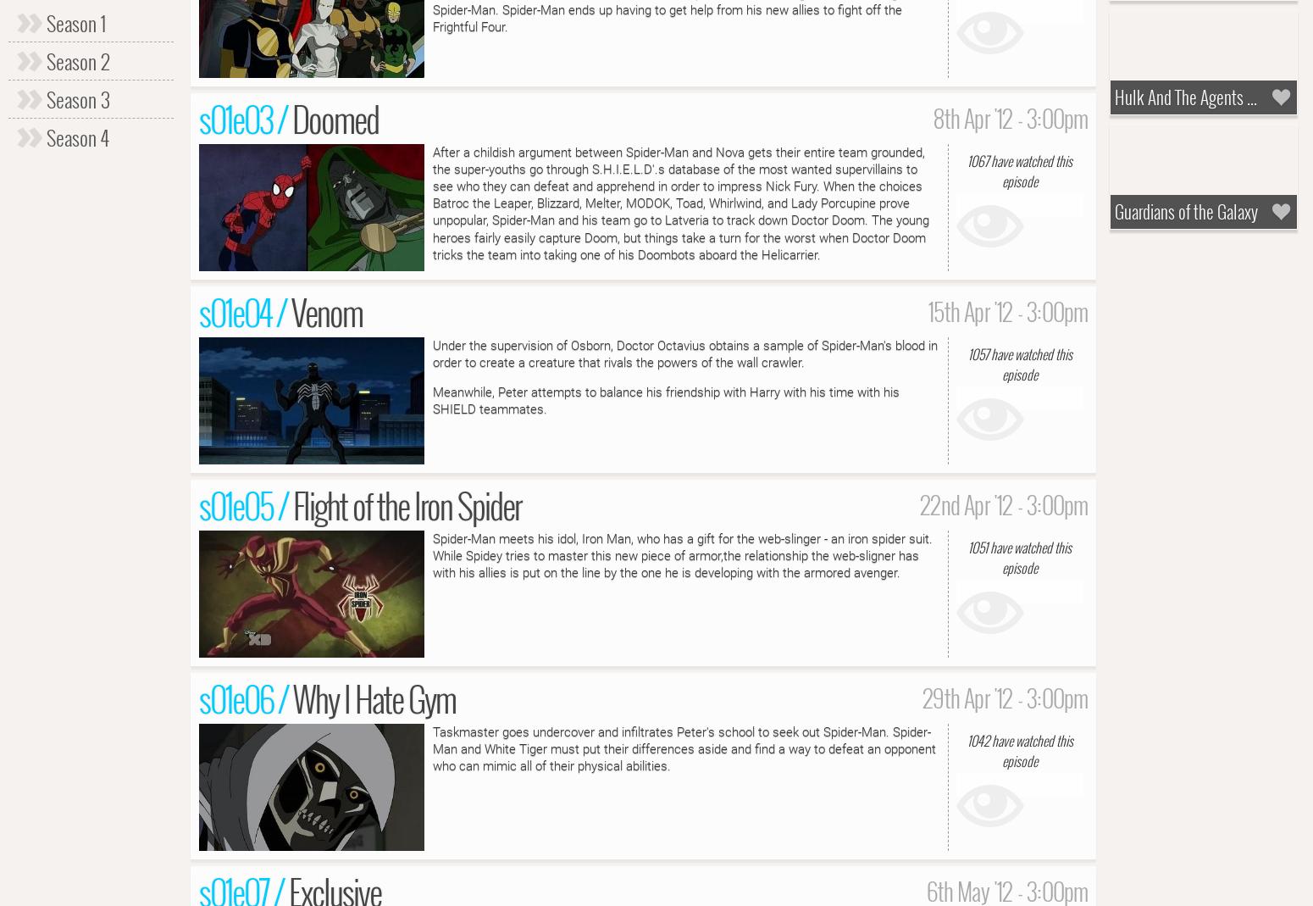 The width and height of the screenshot is (1313, 906). Describe the element at coordinates (977, 159) in the screenshot. I see `'1067'` at that location.